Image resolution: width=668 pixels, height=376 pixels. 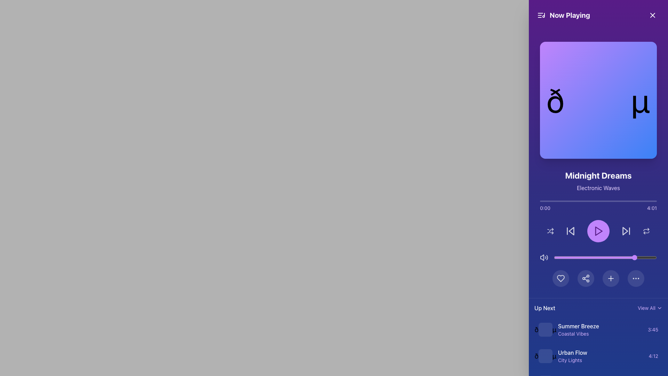 I want to click on the circular button with a plus icon located at the bottom middle of the interface, so click(x=611, y=278).